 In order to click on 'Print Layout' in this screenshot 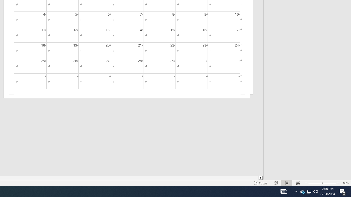, I will do `click(287, 183)`.